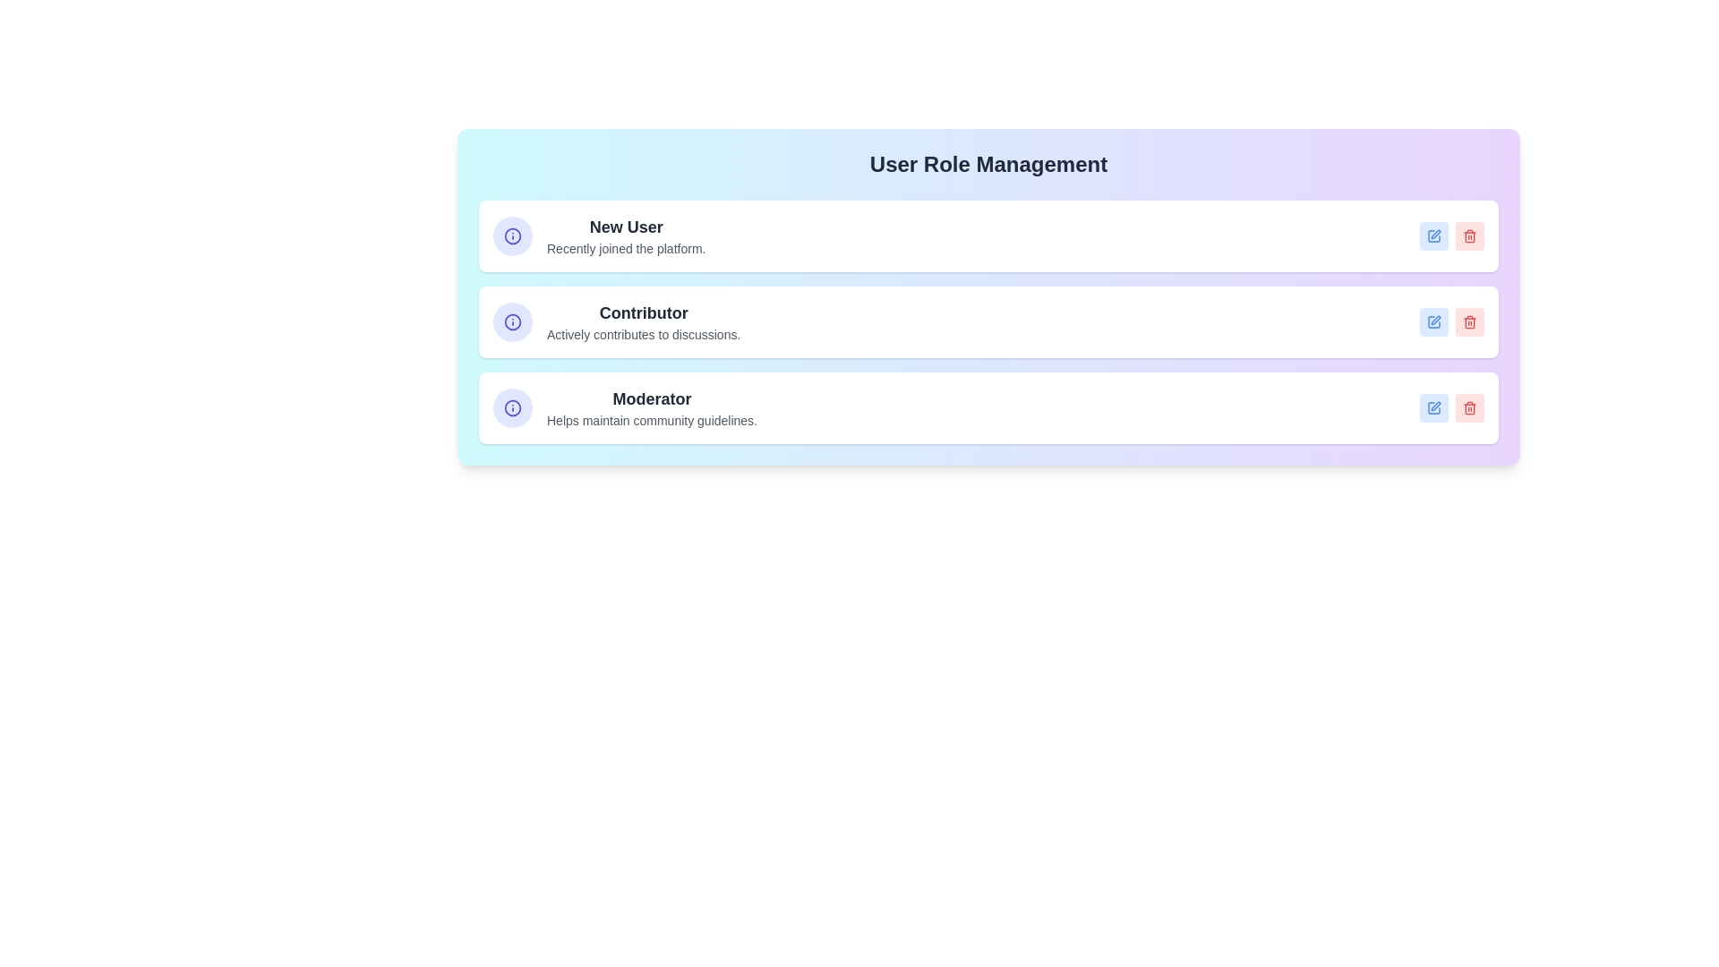 The width and height of the screenshot is (1719, 967). Describe the element at coordinates (1469, 321) in the screenshot. I see `the delete button for the tag Contributor` at that location.